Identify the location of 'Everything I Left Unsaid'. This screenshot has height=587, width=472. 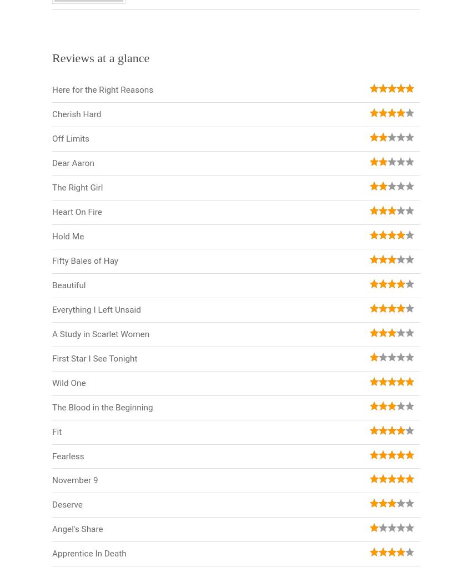
(96, 309).